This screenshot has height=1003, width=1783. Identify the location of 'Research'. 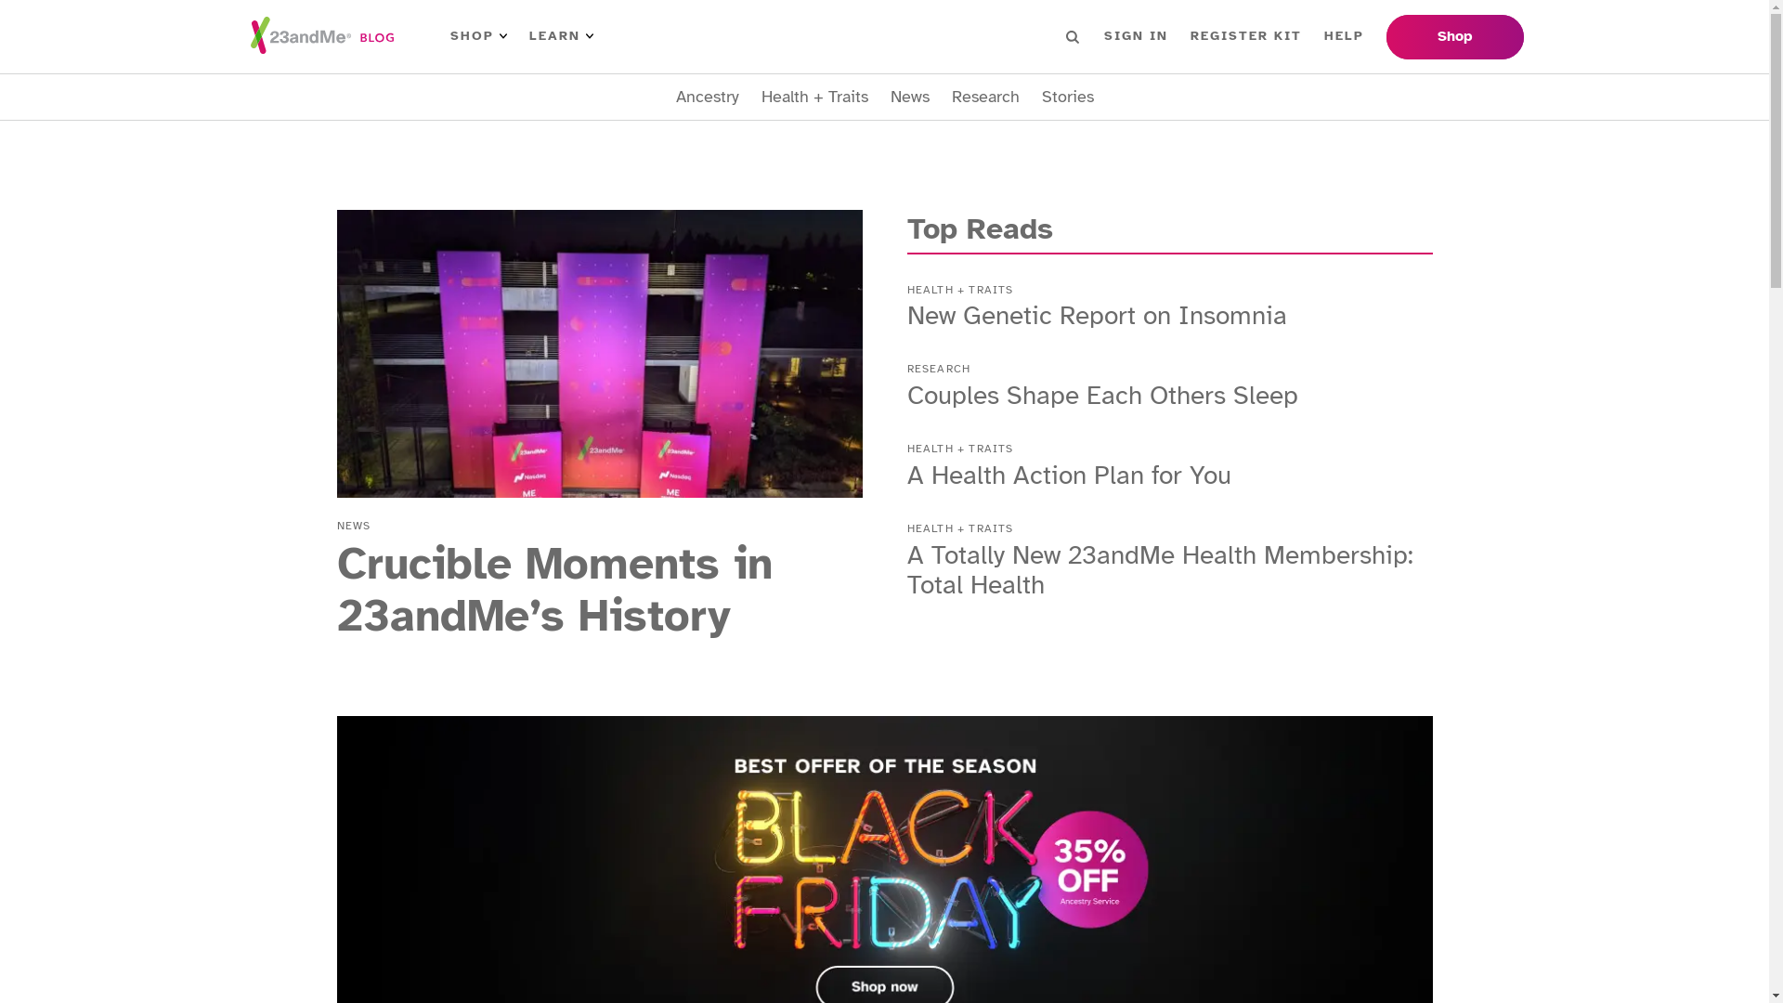
(983, 97).